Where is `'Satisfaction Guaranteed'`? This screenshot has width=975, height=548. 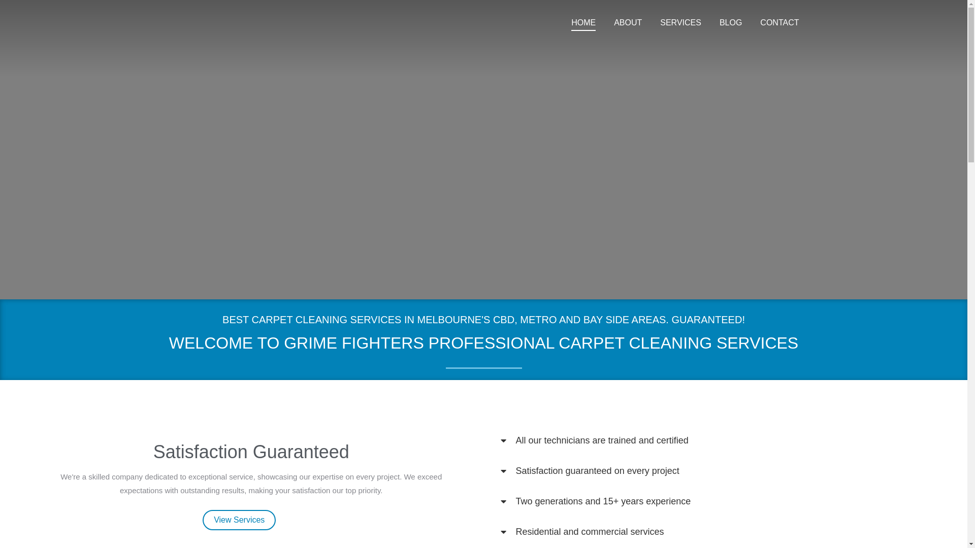
'Satisfaction Guaranteed' is located at coordinates (251, 451).